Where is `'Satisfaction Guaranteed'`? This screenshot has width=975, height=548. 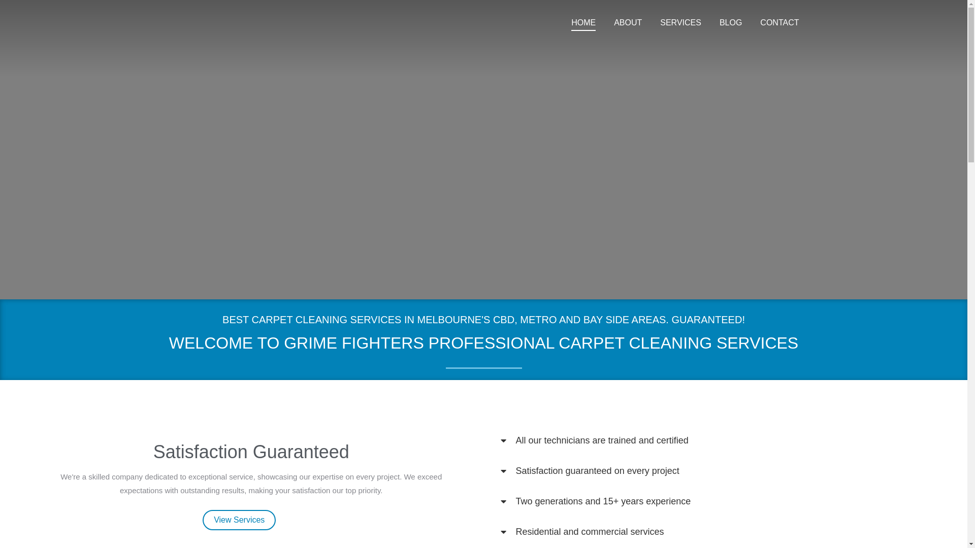
'Satisfaction Guaranteed' is located at coordinates (251, 451).